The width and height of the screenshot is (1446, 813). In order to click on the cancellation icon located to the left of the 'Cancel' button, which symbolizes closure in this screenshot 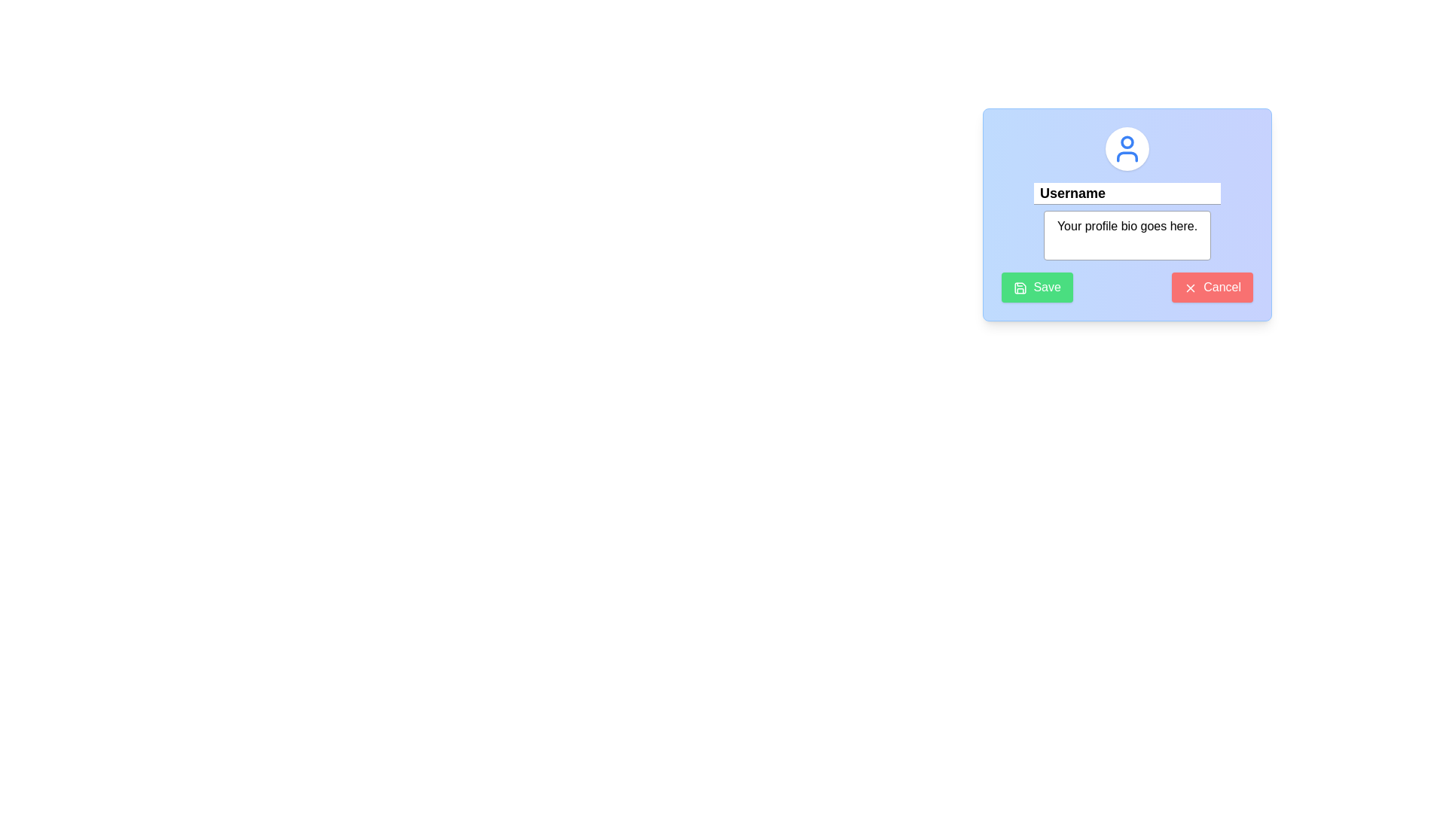, I will do `click(1189, 288)`.